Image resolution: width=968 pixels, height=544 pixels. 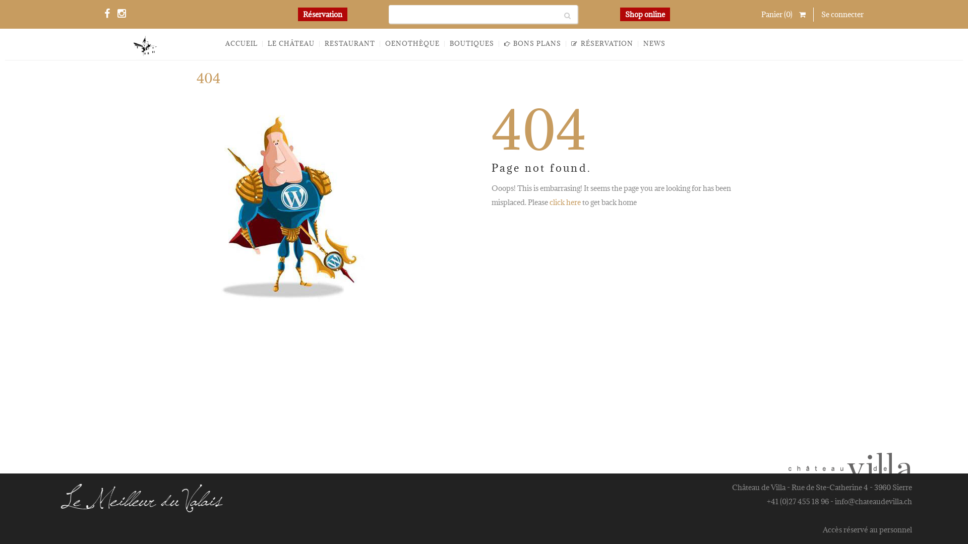 What do you see at coordinates (644, 14) in the screenshot?
I see `'Shop online'` at bounding box center [644, 14].